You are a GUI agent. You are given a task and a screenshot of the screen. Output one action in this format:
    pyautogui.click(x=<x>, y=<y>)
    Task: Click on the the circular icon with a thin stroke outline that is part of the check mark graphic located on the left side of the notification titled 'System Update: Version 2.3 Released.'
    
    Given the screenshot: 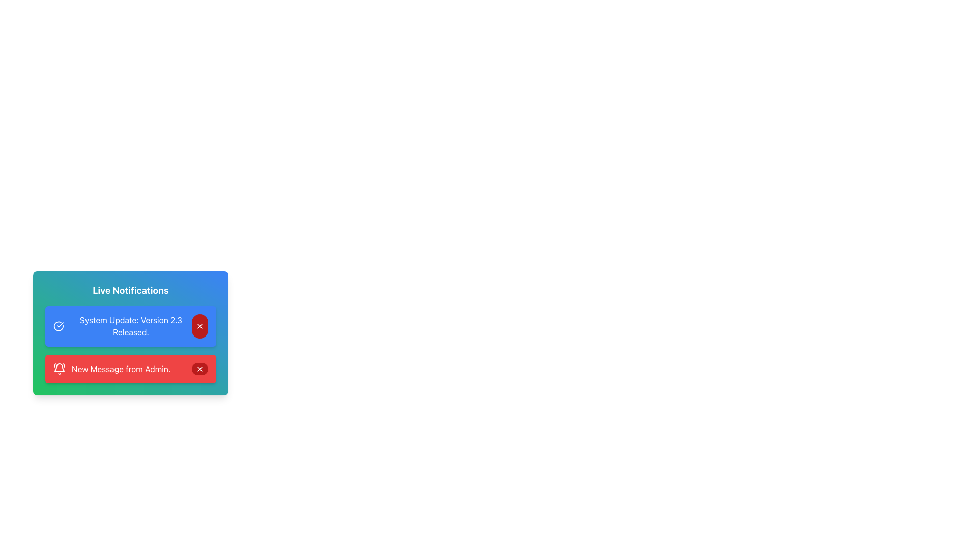 What is the action you would take?
    pyautogui.click(x=58, y=326)
    